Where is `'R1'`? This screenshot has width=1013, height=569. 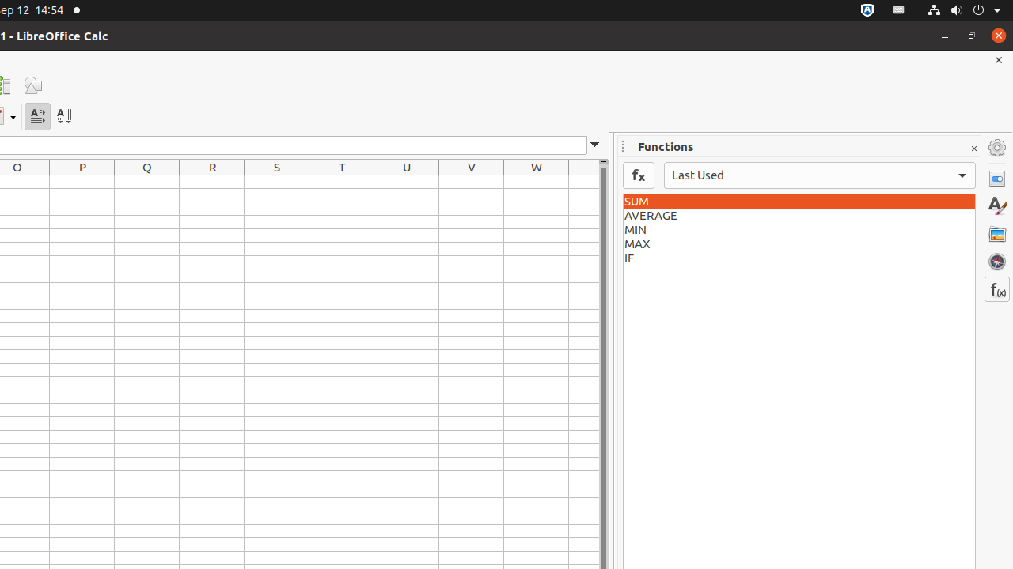
'R1' is located at coordinates (211, 181).